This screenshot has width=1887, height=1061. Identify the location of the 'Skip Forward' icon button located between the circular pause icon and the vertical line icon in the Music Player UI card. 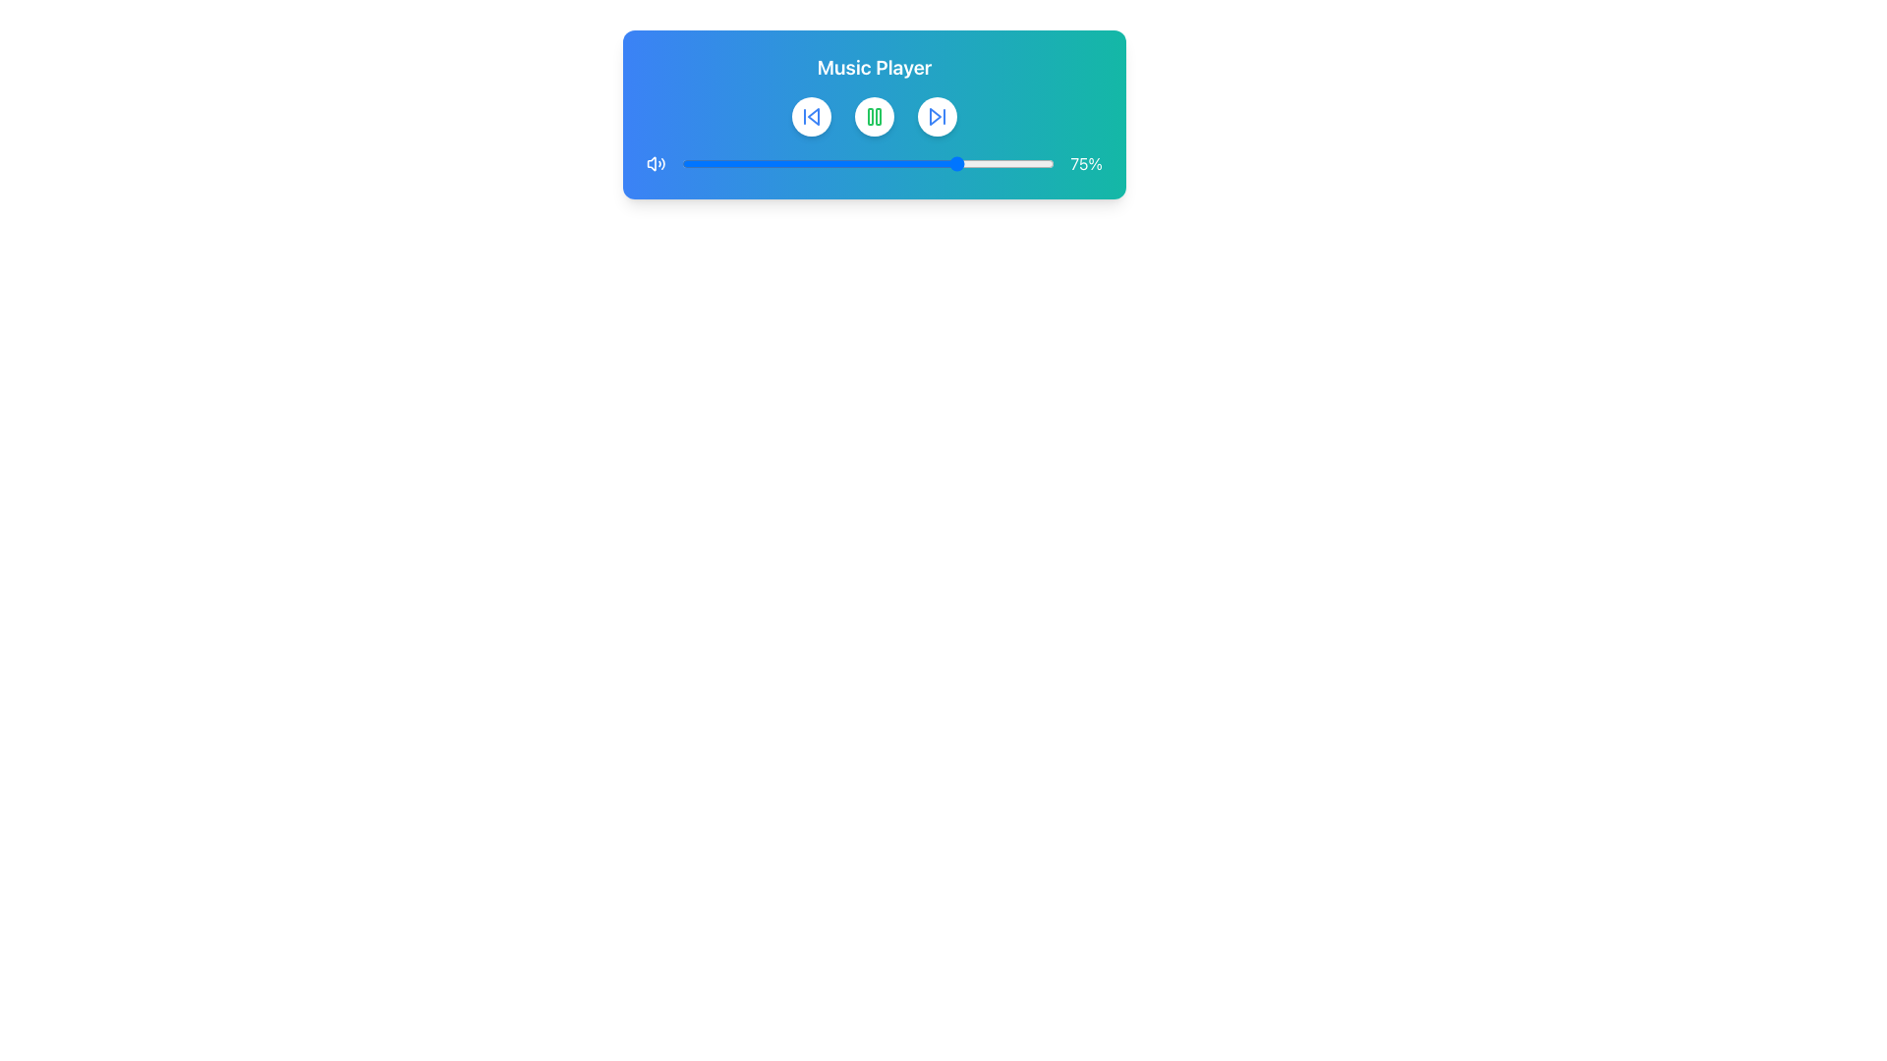
(934, 117).